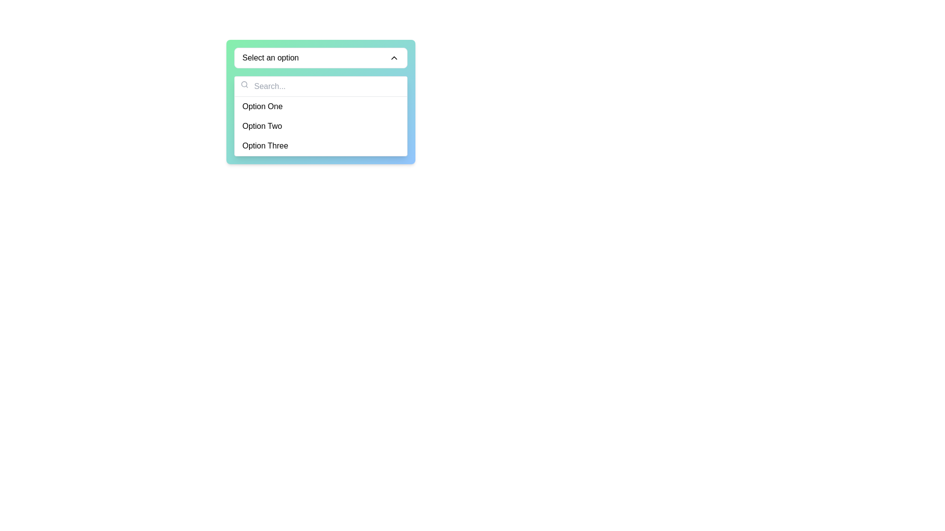  Describe the element at coordinates (320, 116) in the screenshot. I see `the dropdown menu option` at that location.